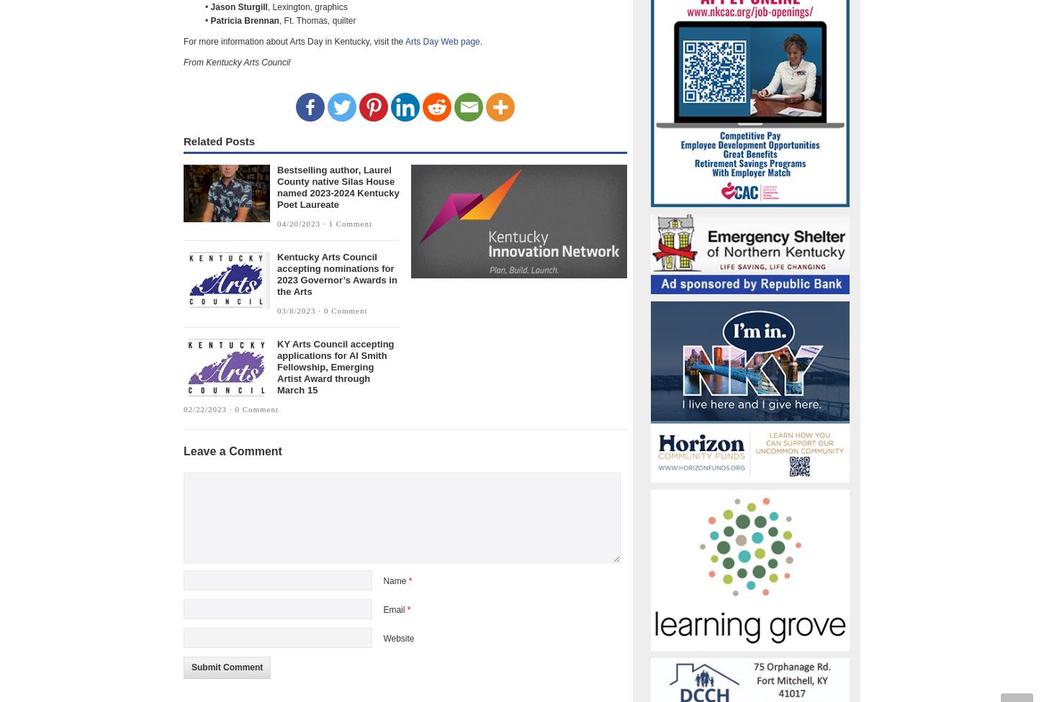  Describe the element at coordinates (219, 140) in the screenshot. I see `'Related Posts'` at that location.